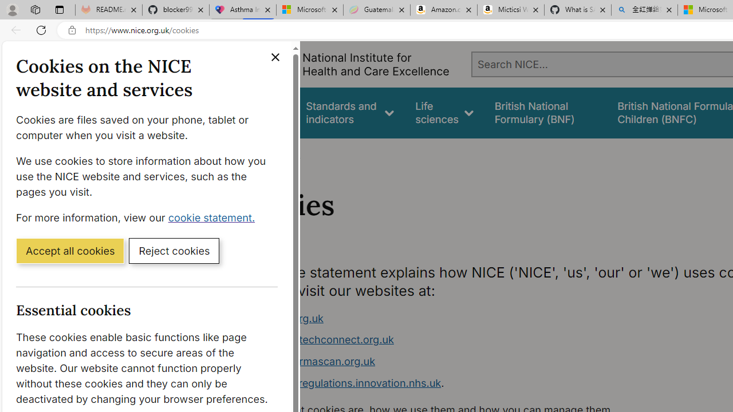 The image size is (733, 412). What do you see at coordinates (242, 10) in the screenshot?
I see `'Asthma Inhalers: Names and Types'` at bounding box center [242, 10].